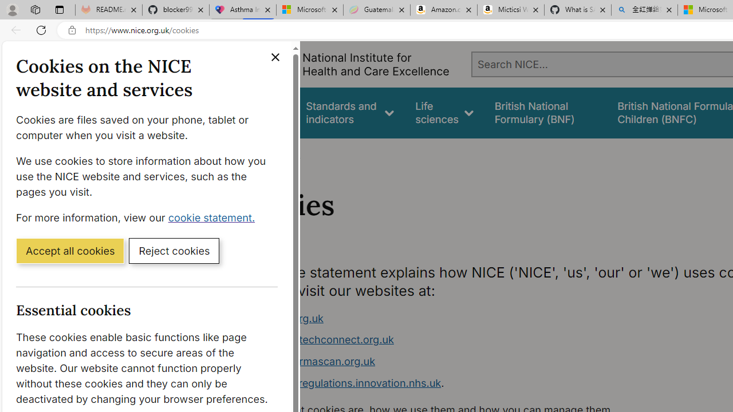 The image size is (733, 412). What do you see at coordinates (242, 10) in the screenshot?
I see `'Asthma Inhalers: Names and Types'` at bounding box center [242, 10].